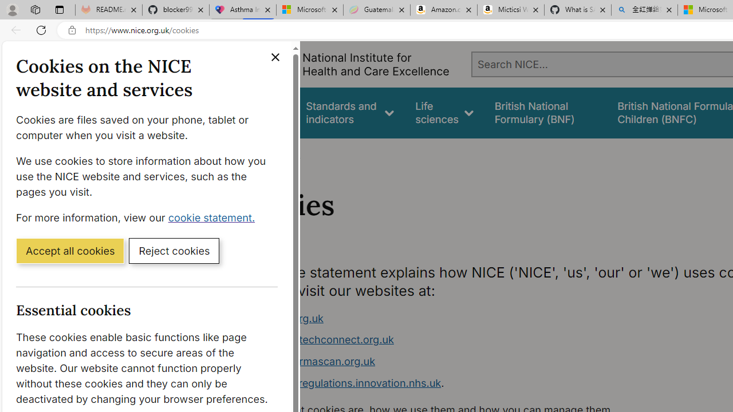 The image size is (733, 412). What do you see at coordinates (242, 10) in the screenshot?
I see `'Asthma Inhalers: Names and Types'` at bounding box center [242, 10].